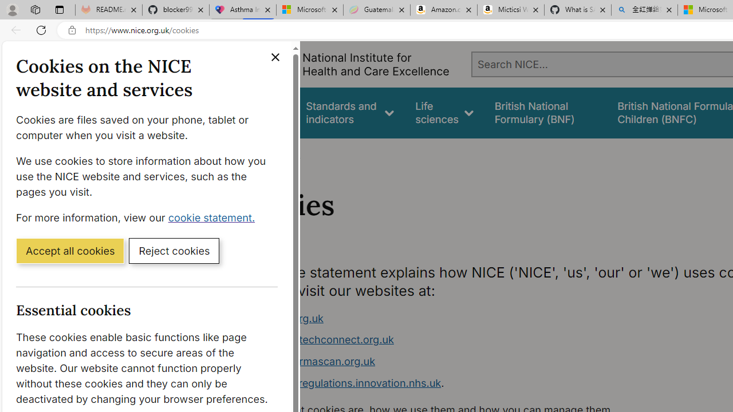 The image size is (733, 412). What do you see at coordinates (242, 10) in the screenshot?
I see `'Asthma Inhalers: Names and Types'` at bounding box center [242, 10].